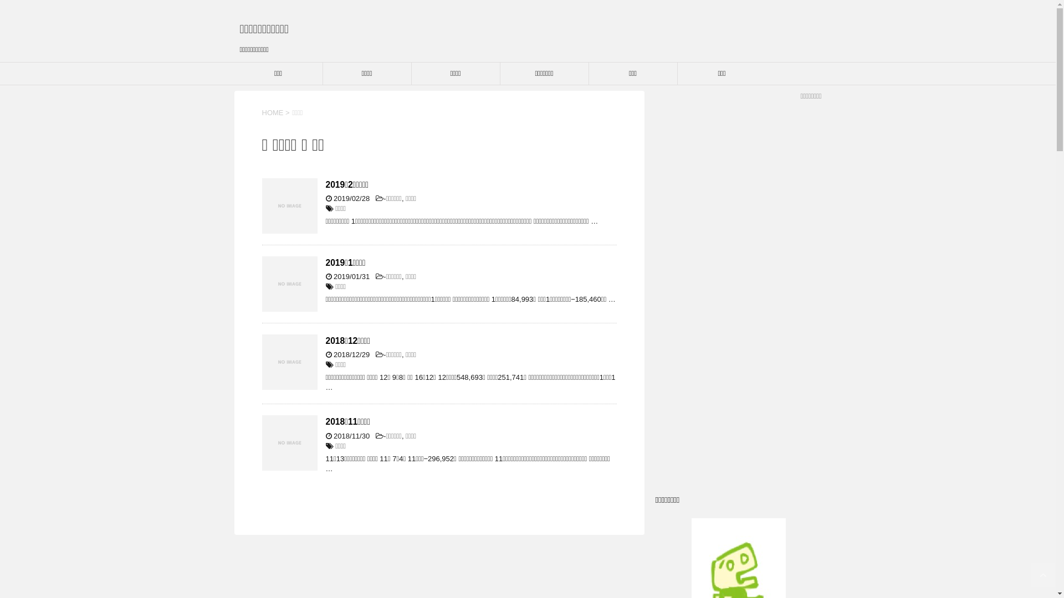 This screenshot has height=598, width=1064. Describe the element at coordinates (289, 283) in the screenshot. I see `'no image'` at that location.